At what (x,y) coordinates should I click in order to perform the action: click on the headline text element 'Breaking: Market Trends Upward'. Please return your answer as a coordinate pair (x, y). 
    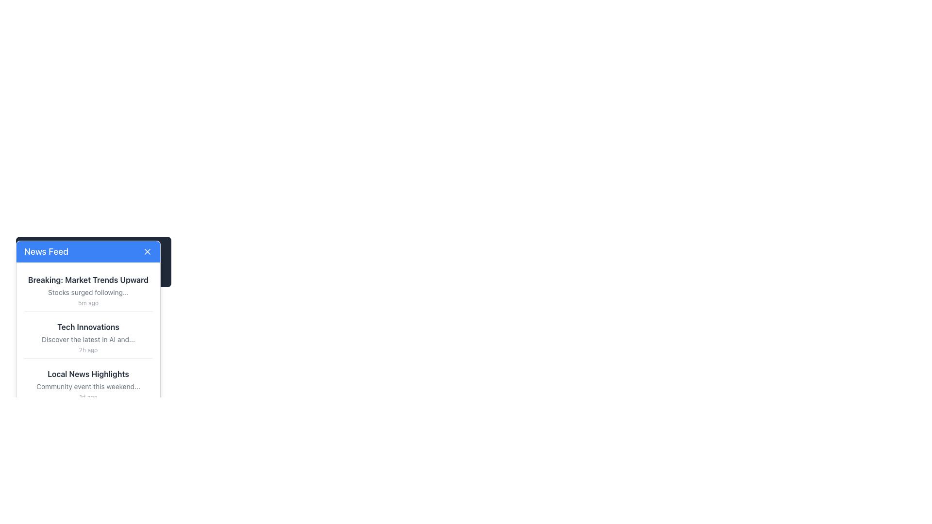
    Looking at the image, I should click on (88, 280).